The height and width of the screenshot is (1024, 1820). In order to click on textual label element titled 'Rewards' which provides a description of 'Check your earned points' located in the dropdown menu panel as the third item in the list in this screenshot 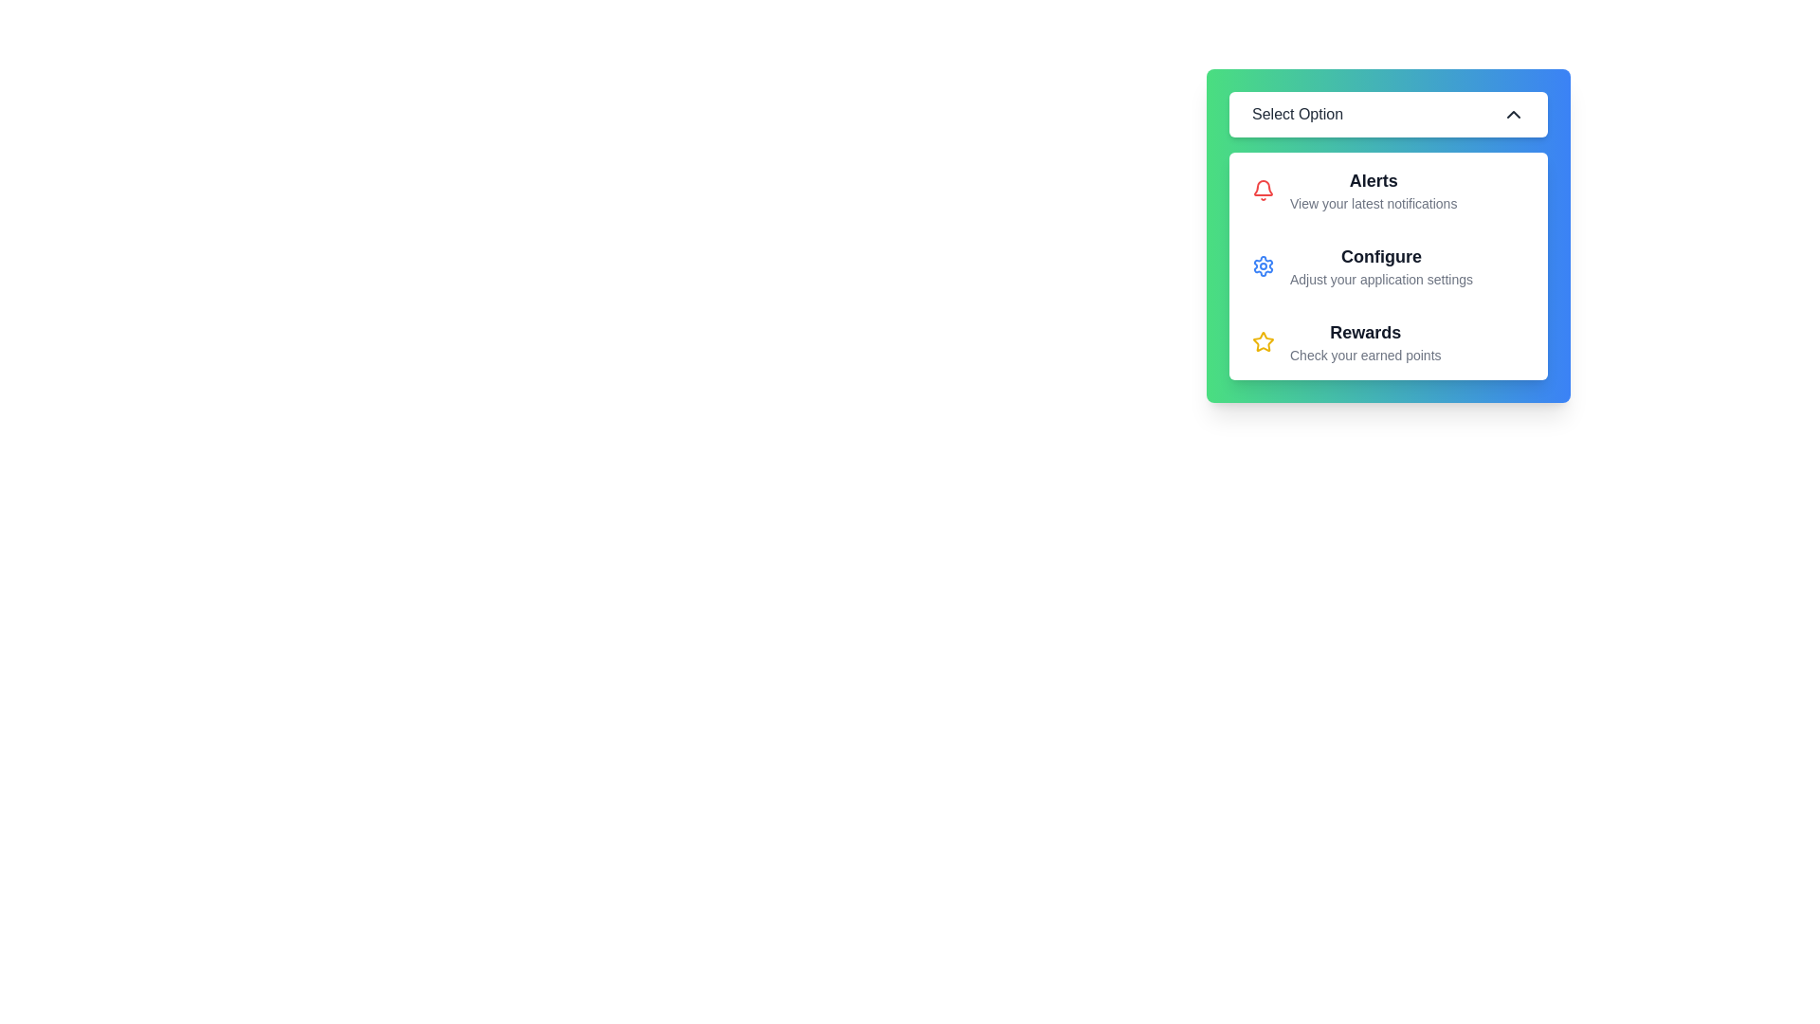, I will do `click(1365, 342)`.